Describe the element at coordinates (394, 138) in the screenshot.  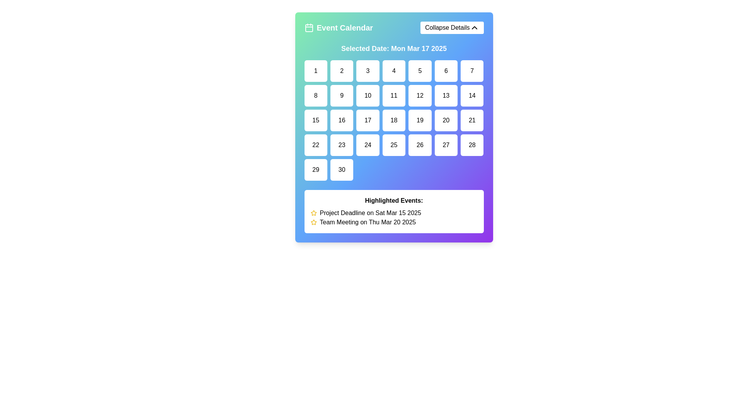
I see `the calendar cells in the calendar component displayed under the header 'Selected Date: Mon Mar 17 2025'` at that location.